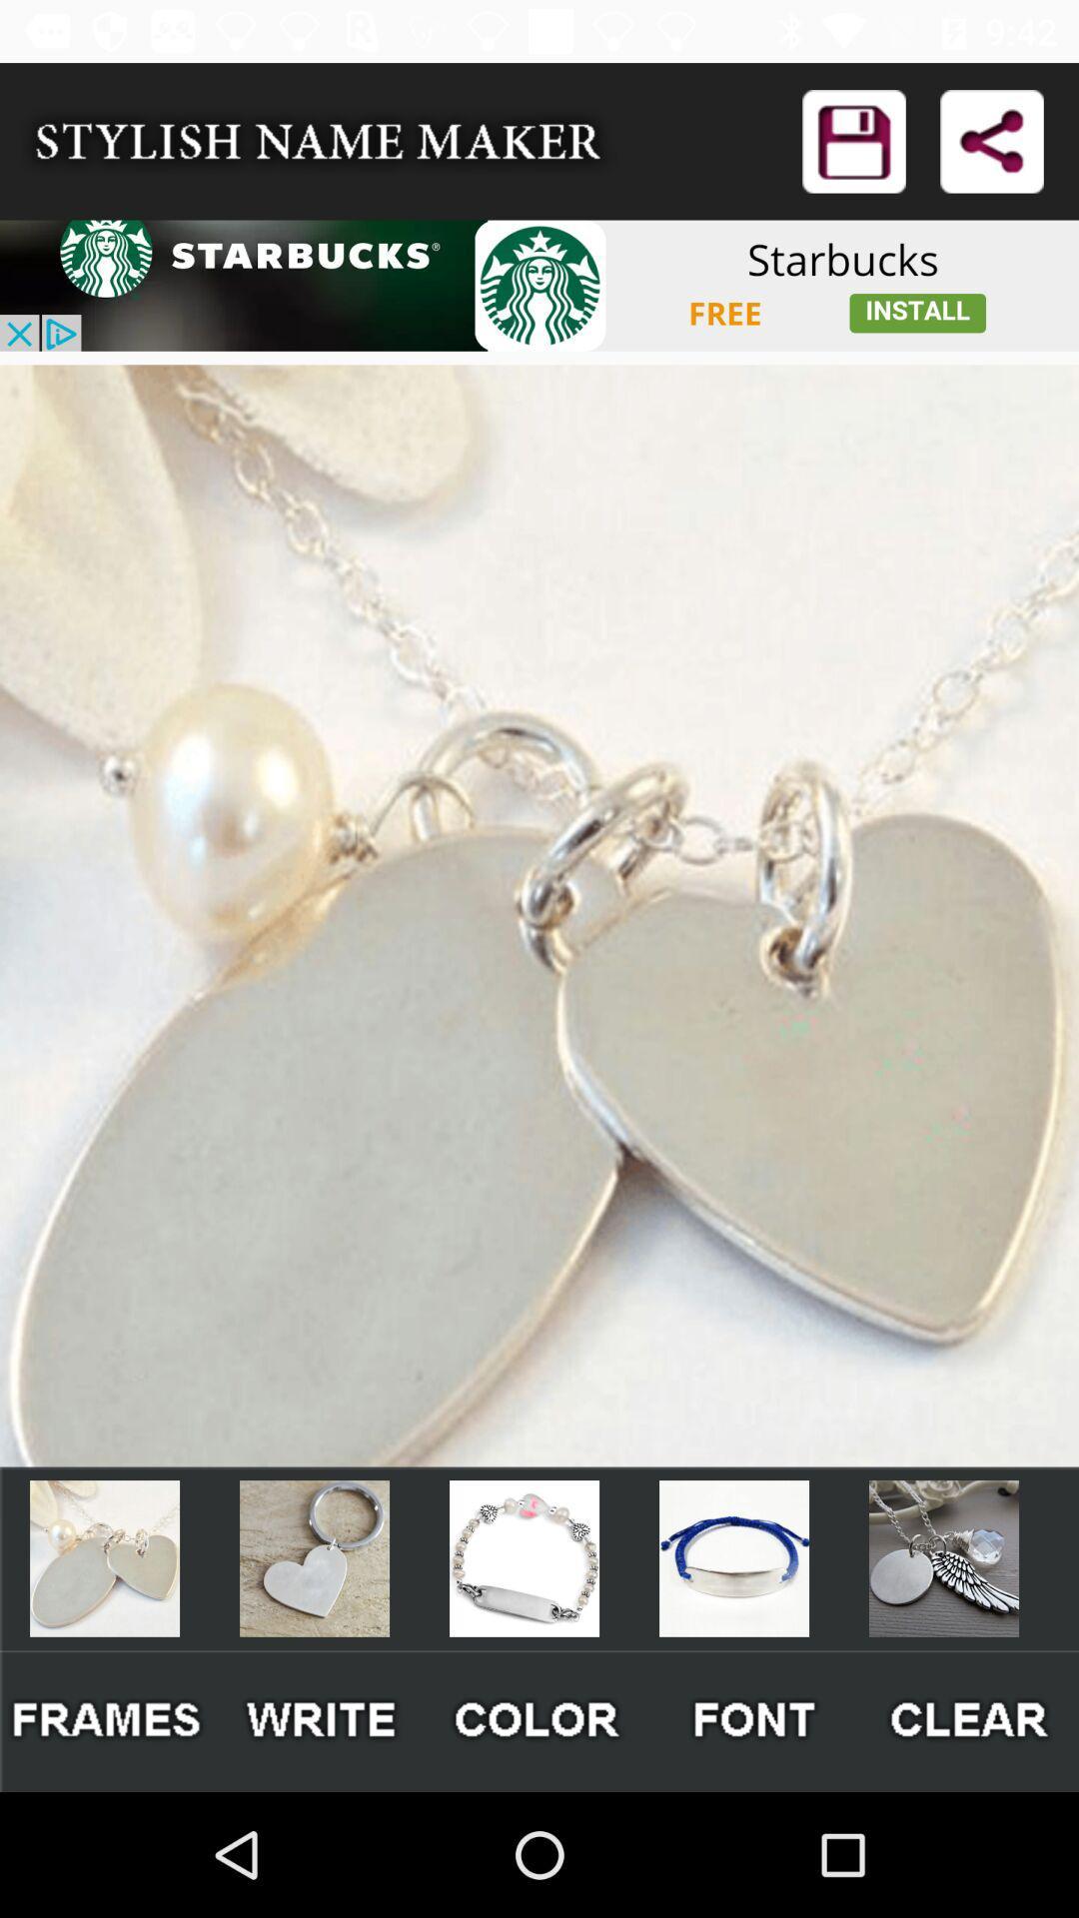  What do you see at coordinates (755, 1720) in the screenshot?
I see `font checking` at bounding box center [755, 1720].